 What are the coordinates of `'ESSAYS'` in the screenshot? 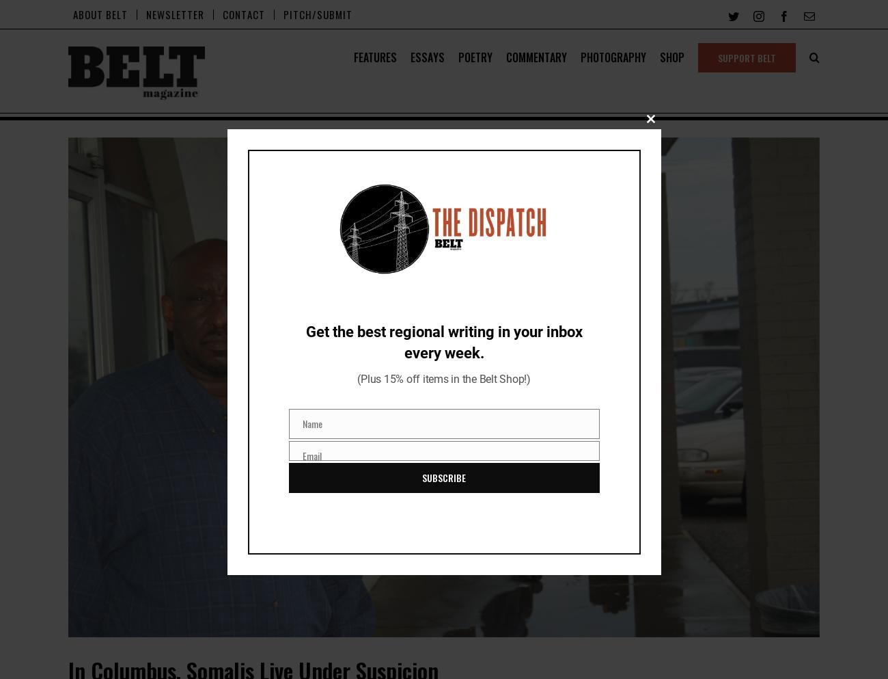 It's located at (427, 57).